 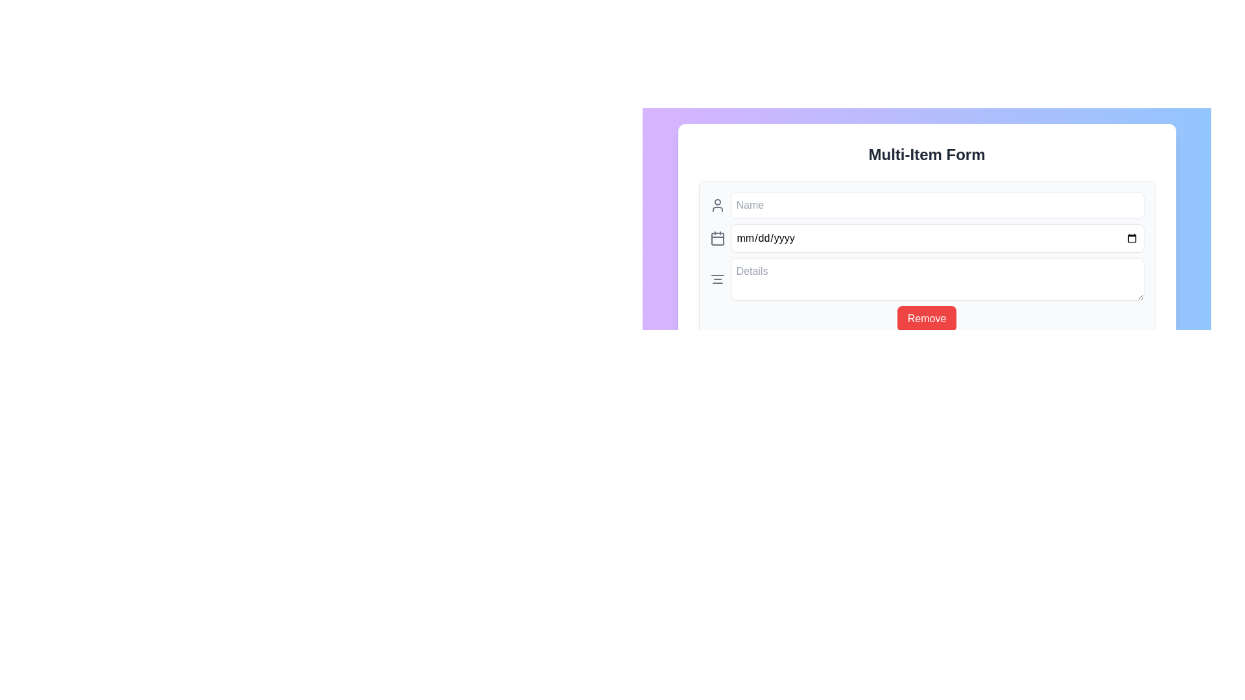 I want to click on the icon with three horizontal lines that resembles a 'center align' symbol, so click(x=717, y=279).